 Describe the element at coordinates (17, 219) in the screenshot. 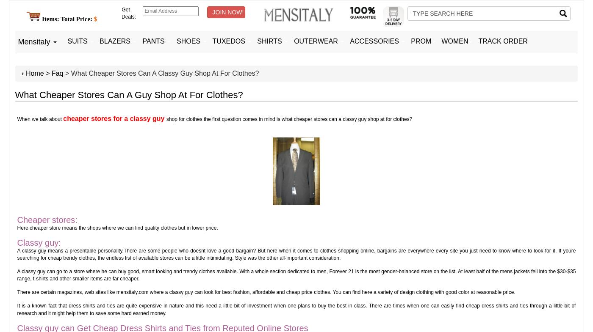

I see `'Cheaper stores:'` at that location.